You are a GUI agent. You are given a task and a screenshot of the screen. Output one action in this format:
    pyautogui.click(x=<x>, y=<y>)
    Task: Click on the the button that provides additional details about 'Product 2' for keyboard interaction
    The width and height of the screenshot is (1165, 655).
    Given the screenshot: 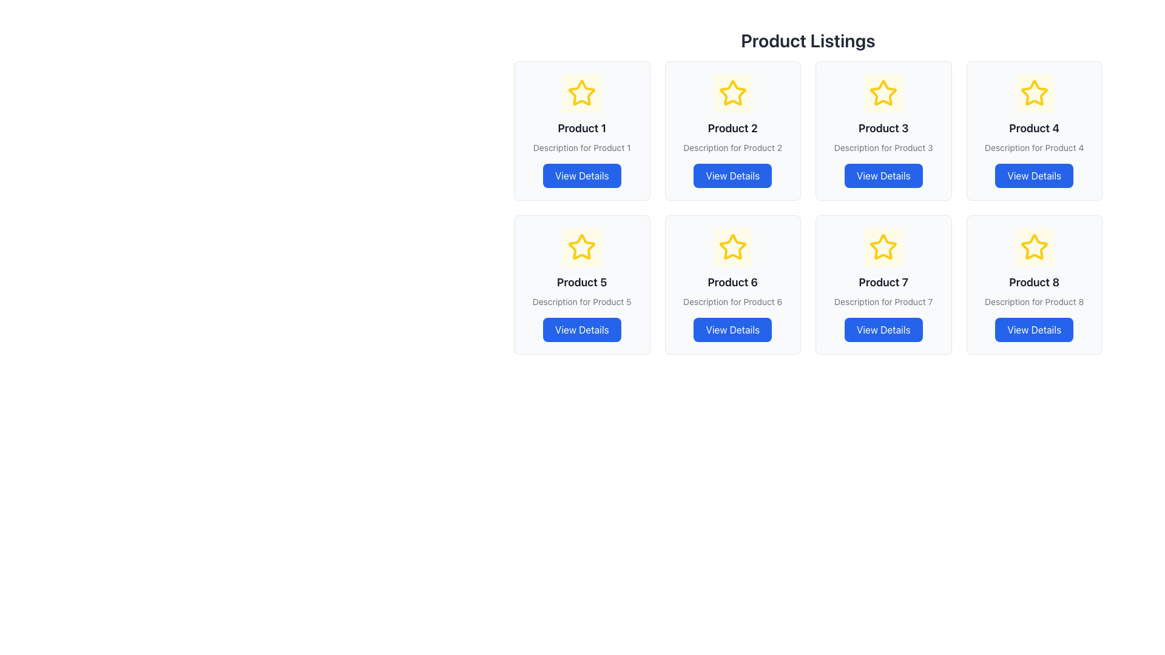 What is the action you would take?
    pyautogui.click(x=732, y=175)
    